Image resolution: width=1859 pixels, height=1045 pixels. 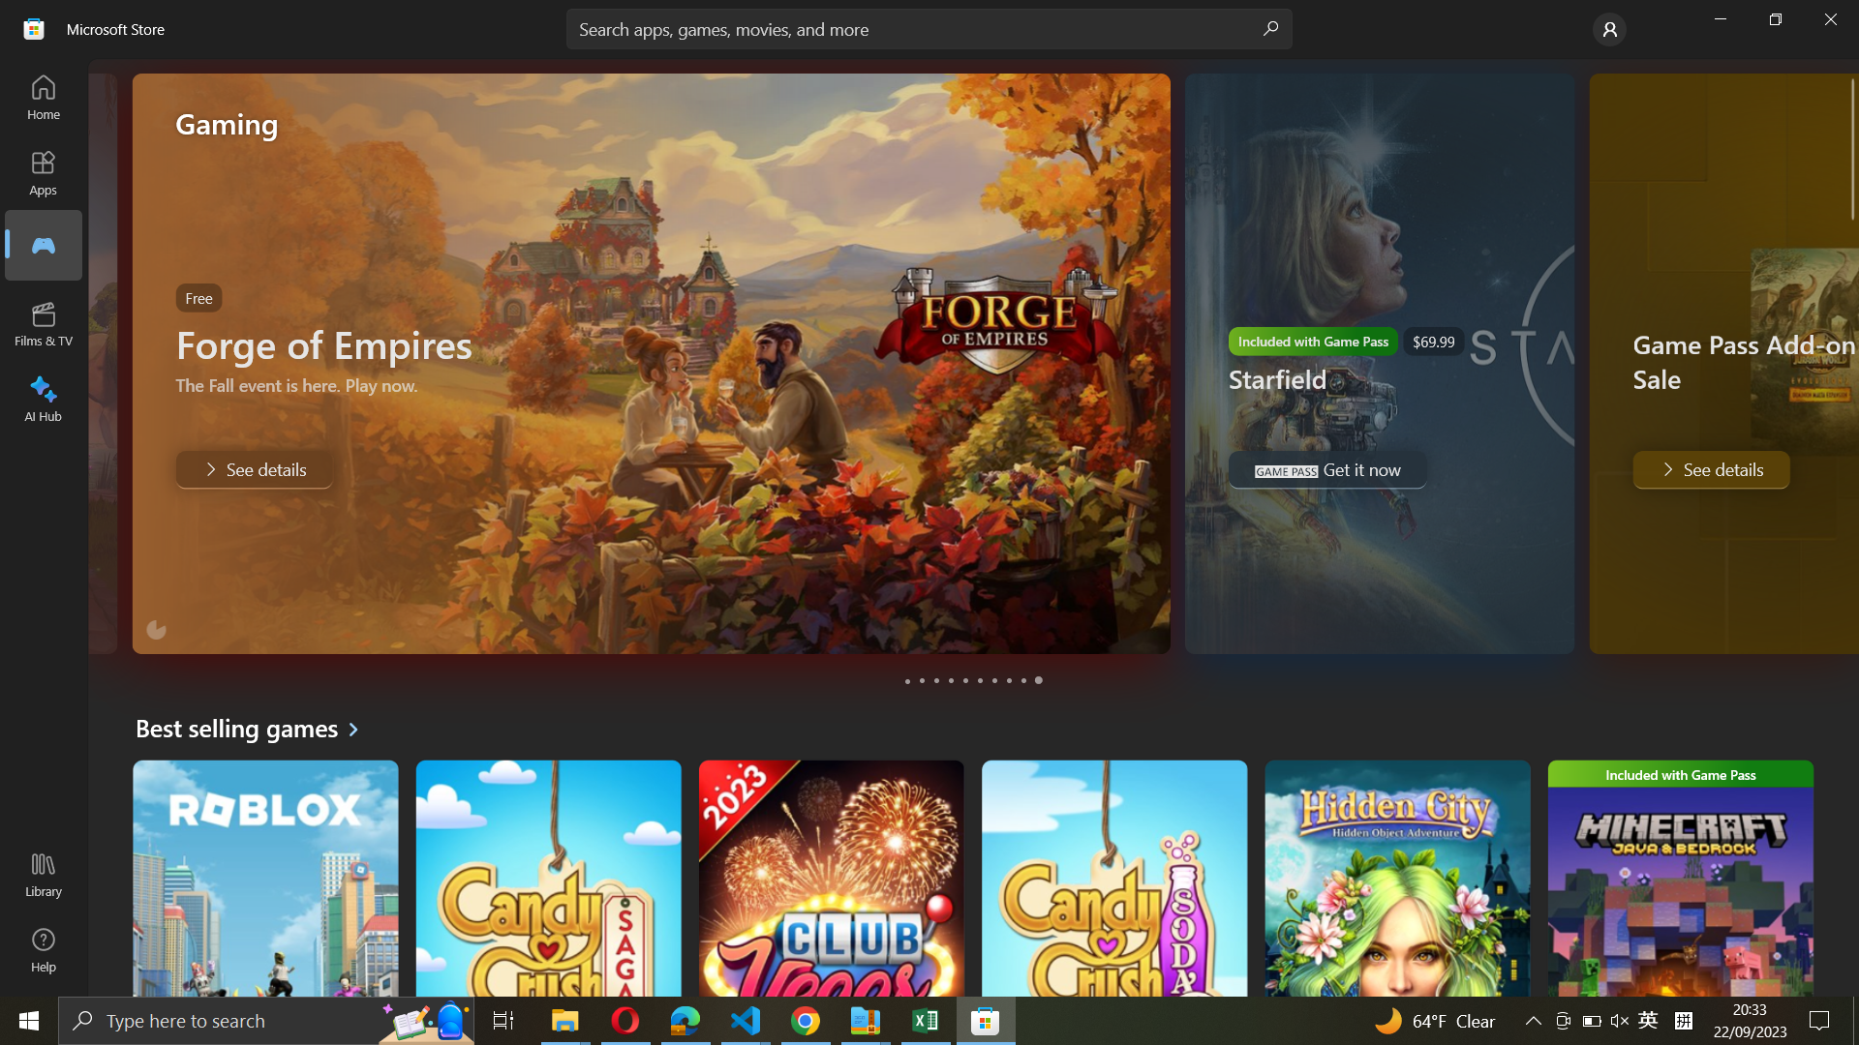 What do you see at coordinates (42, 950) in the screenshot?
I see `the "Help" option in the menu` at bounding box center [42, 950].